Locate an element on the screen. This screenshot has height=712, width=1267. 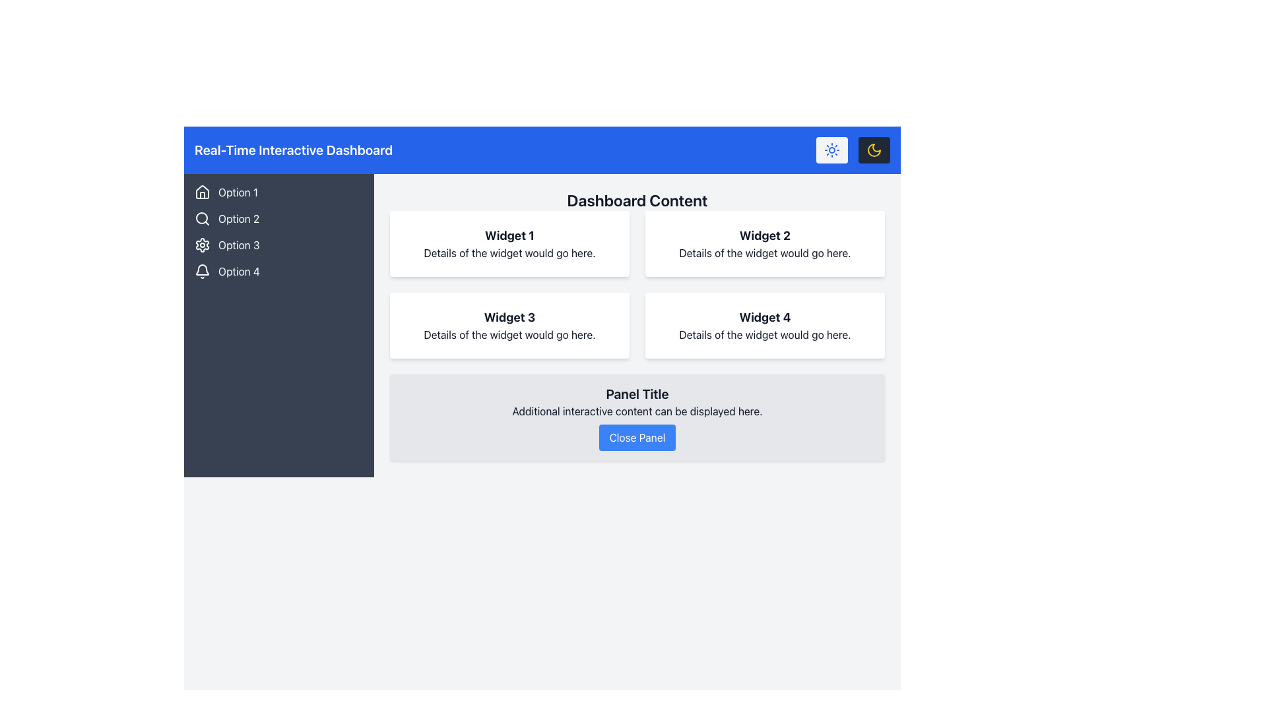
the text block that provides contextual information for 'Widget 4', located beneath the title in the top-right section of the dashboard is located at coordinates (765, 334).